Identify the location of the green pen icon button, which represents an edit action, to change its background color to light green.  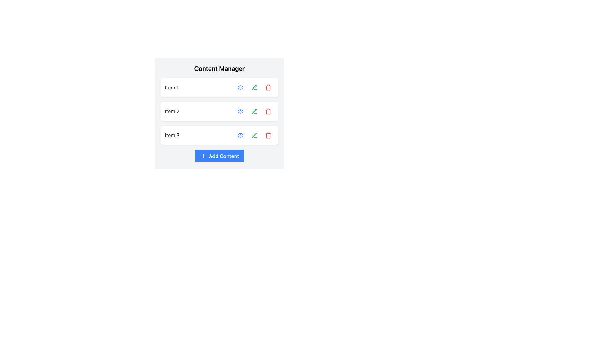
(254, 135).